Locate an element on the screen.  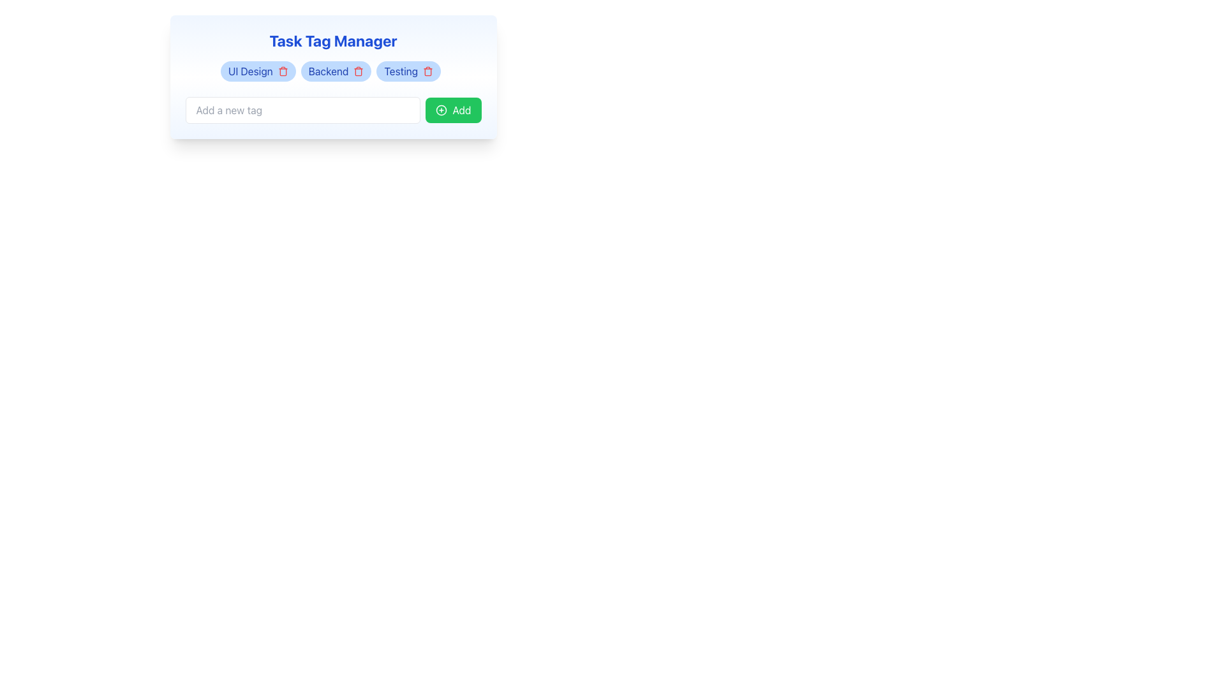
the first badge labeled 'UI Design' with a light blue background is located at coordinates (257, 71).